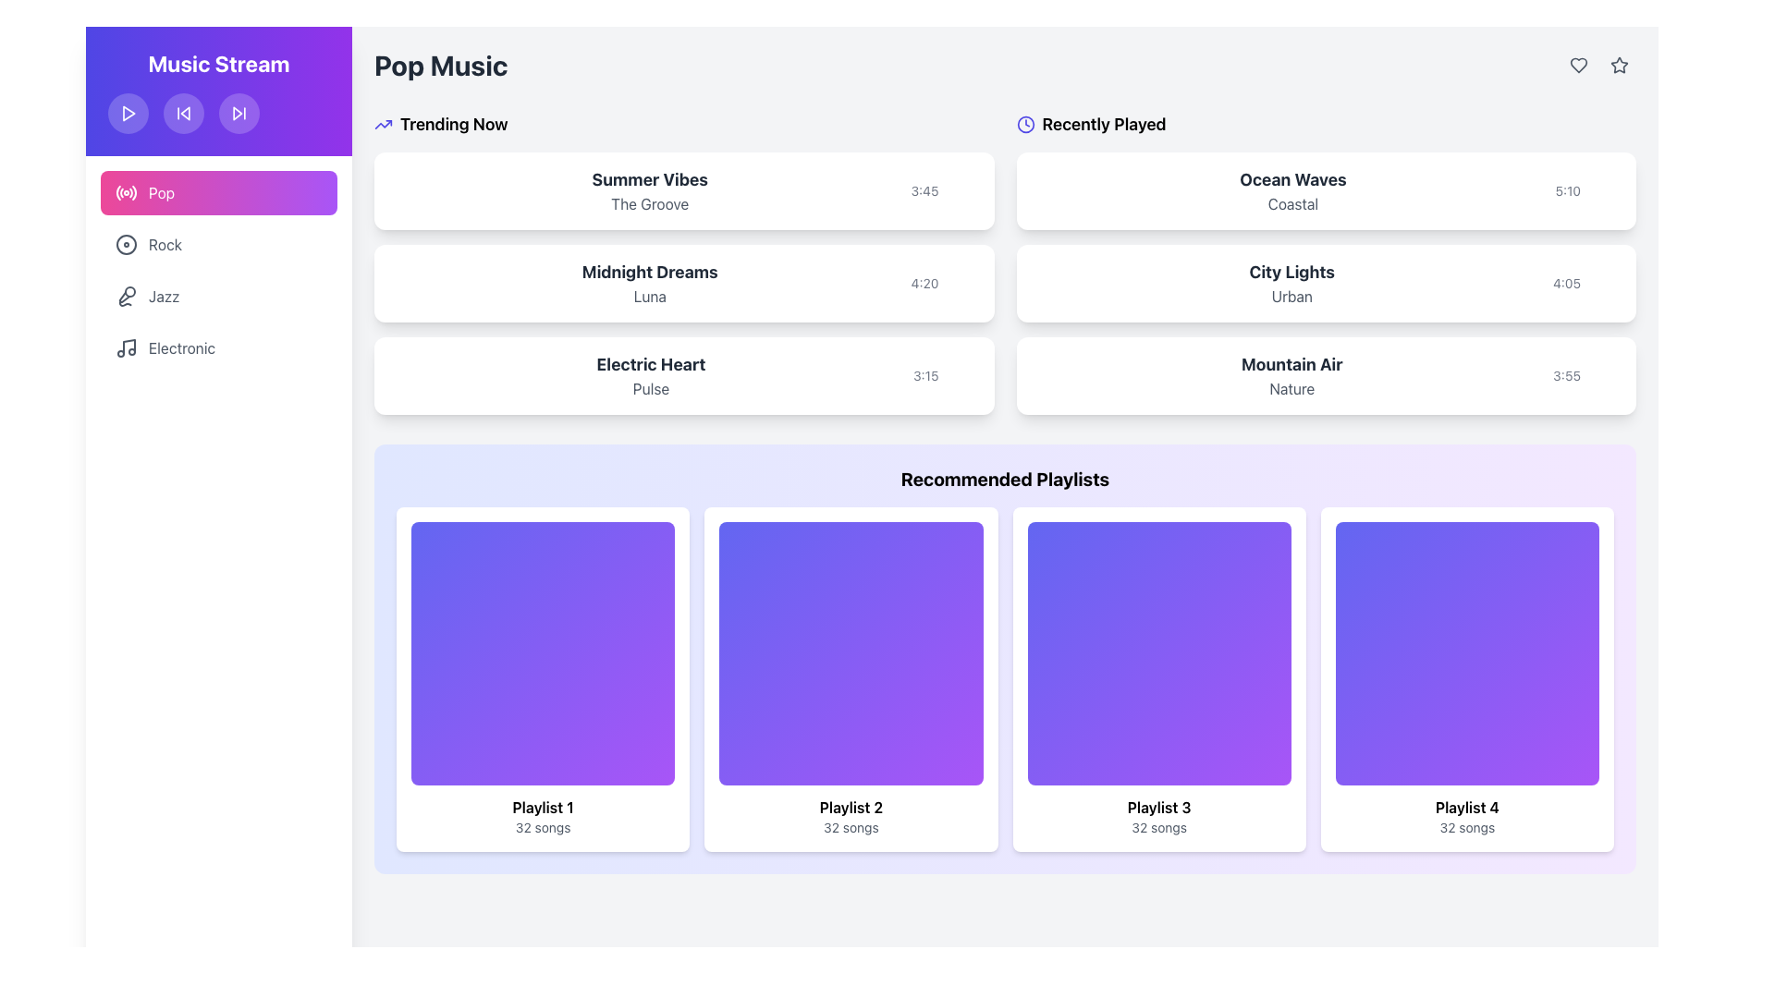  Describe the element at coordinates (650, 180) in the screenshot. I see `the text label displaying the name of the featured track in the 'Trending Now' section, positioned above 'The Groove'` at that location.